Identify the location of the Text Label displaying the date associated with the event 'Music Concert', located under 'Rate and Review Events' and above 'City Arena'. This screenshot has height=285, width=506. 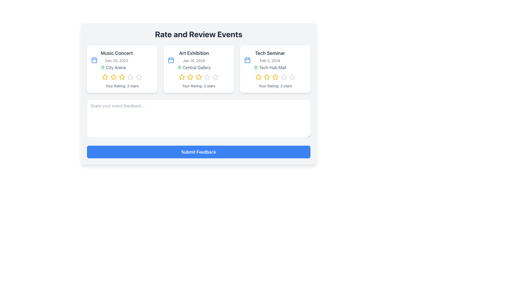
(116, 60).